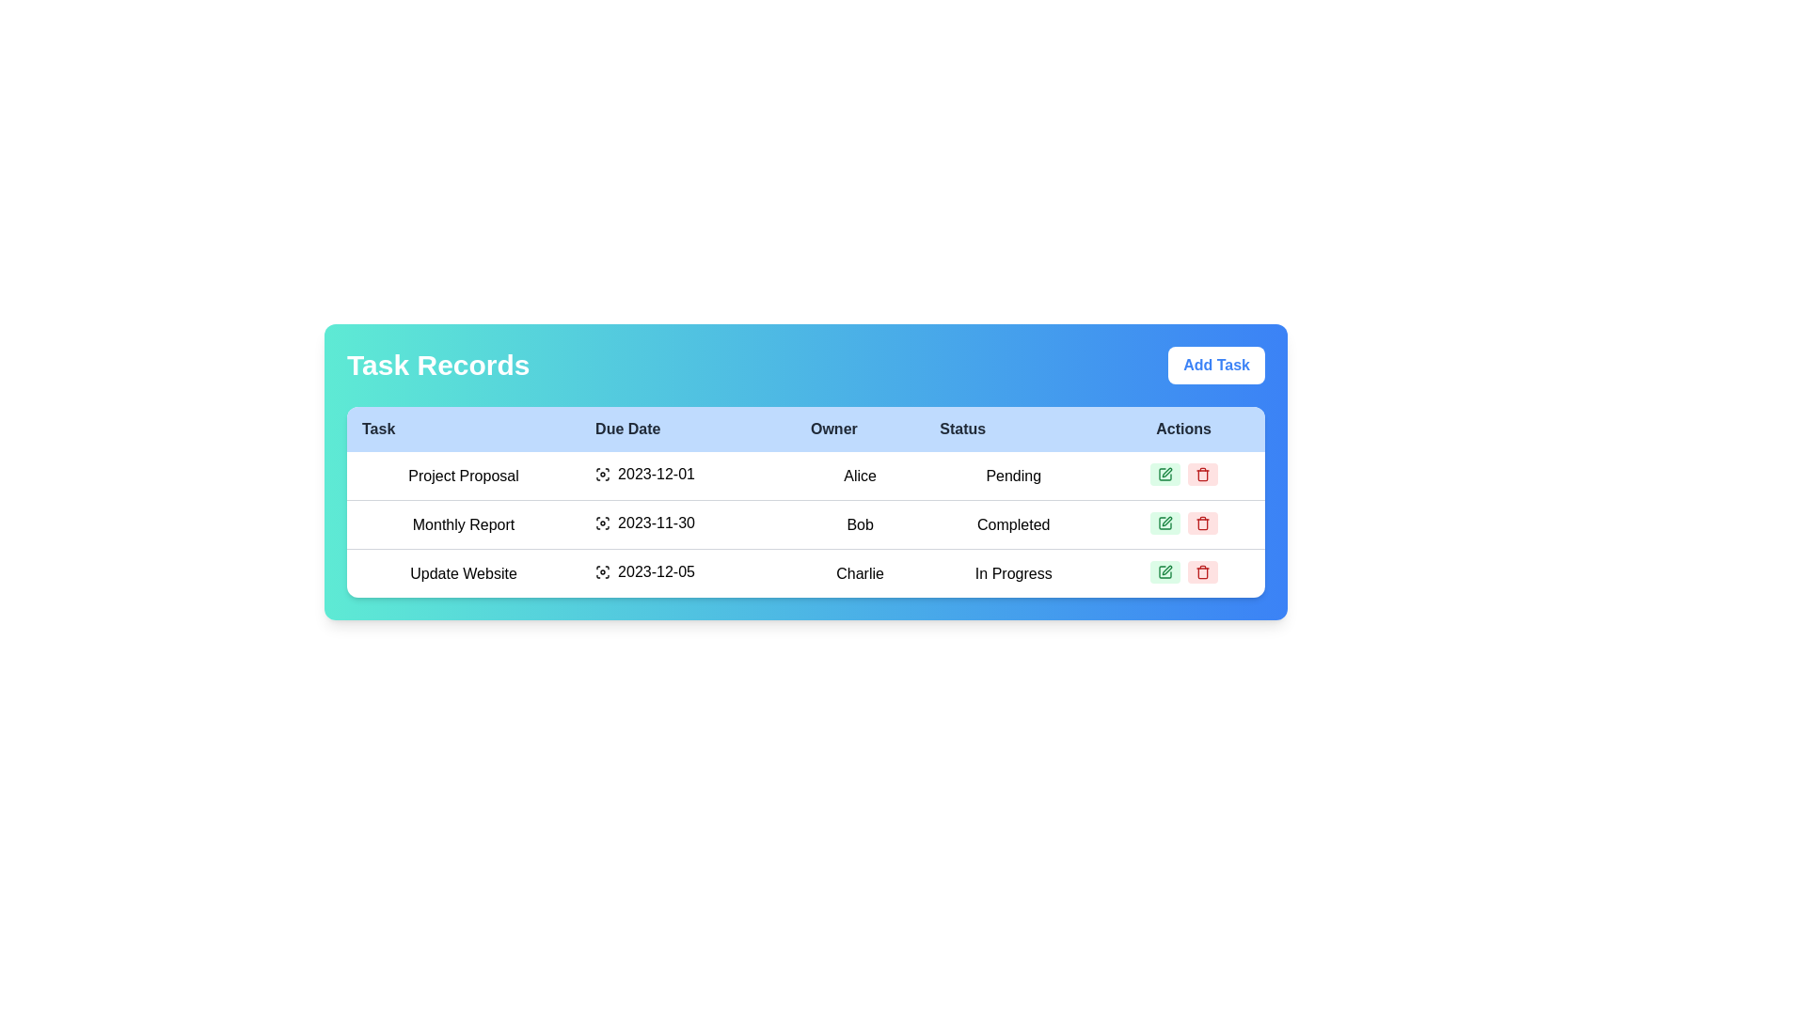 Image resolution: width=1806 pixels, height=1015 pixels. Describe the element at coordinates (1164, 571) in the screenshot. I see `the square-shaped icon with rounded corners in the 'Actions' column of the last row in the table` at that location.